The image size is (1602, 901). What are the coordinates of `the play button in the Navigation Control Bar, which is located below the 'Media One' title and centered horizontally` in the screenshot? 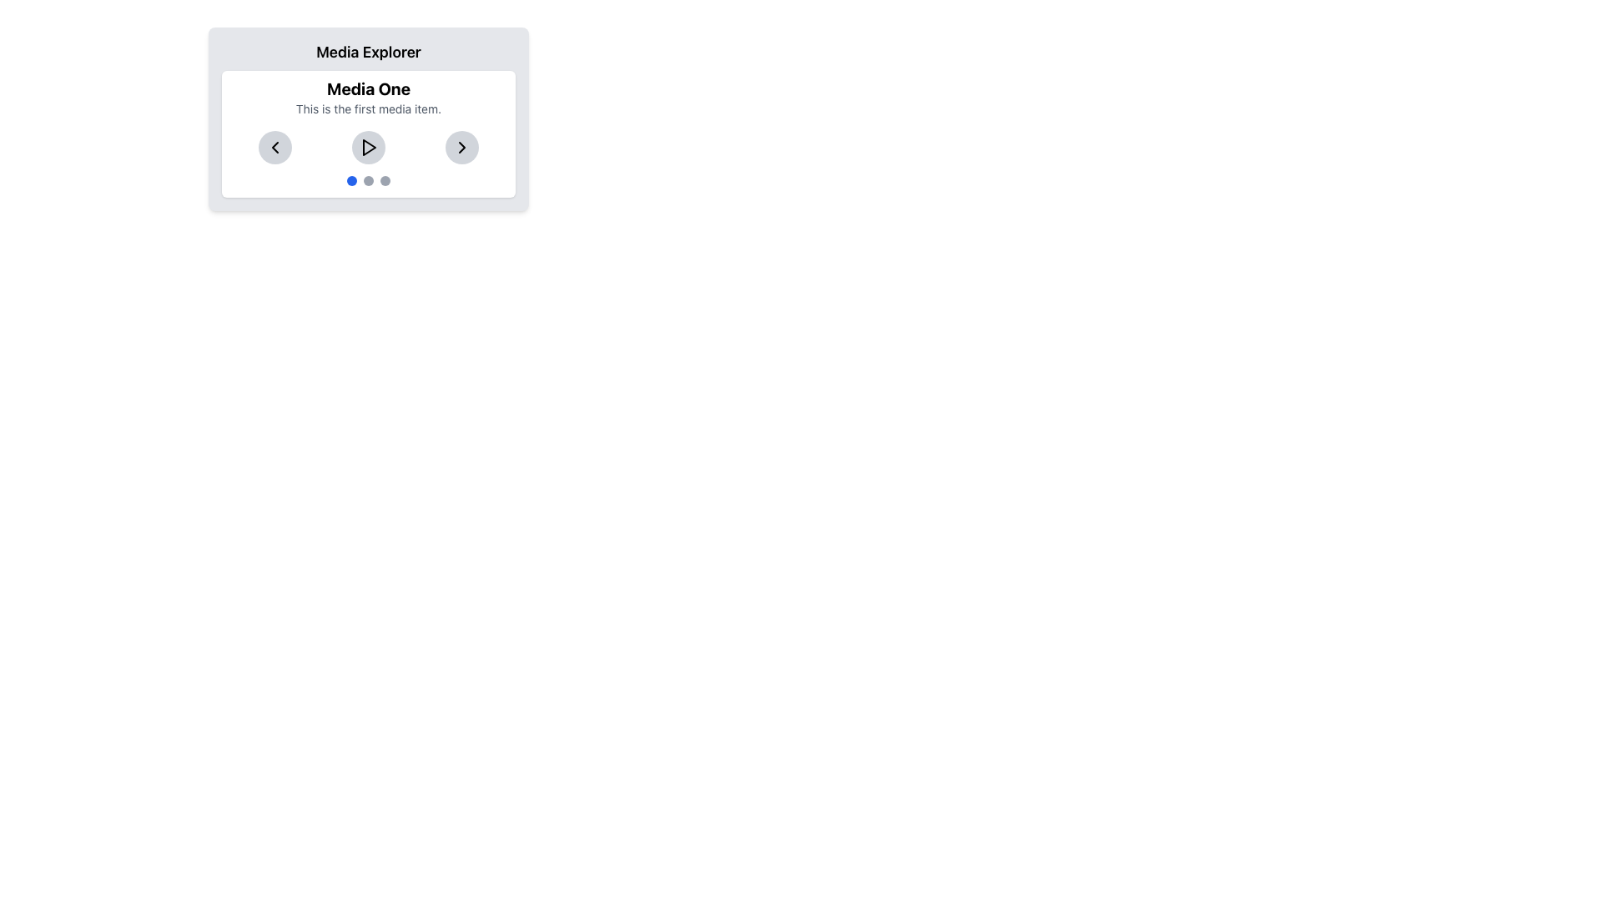 It's located at (367, 147).